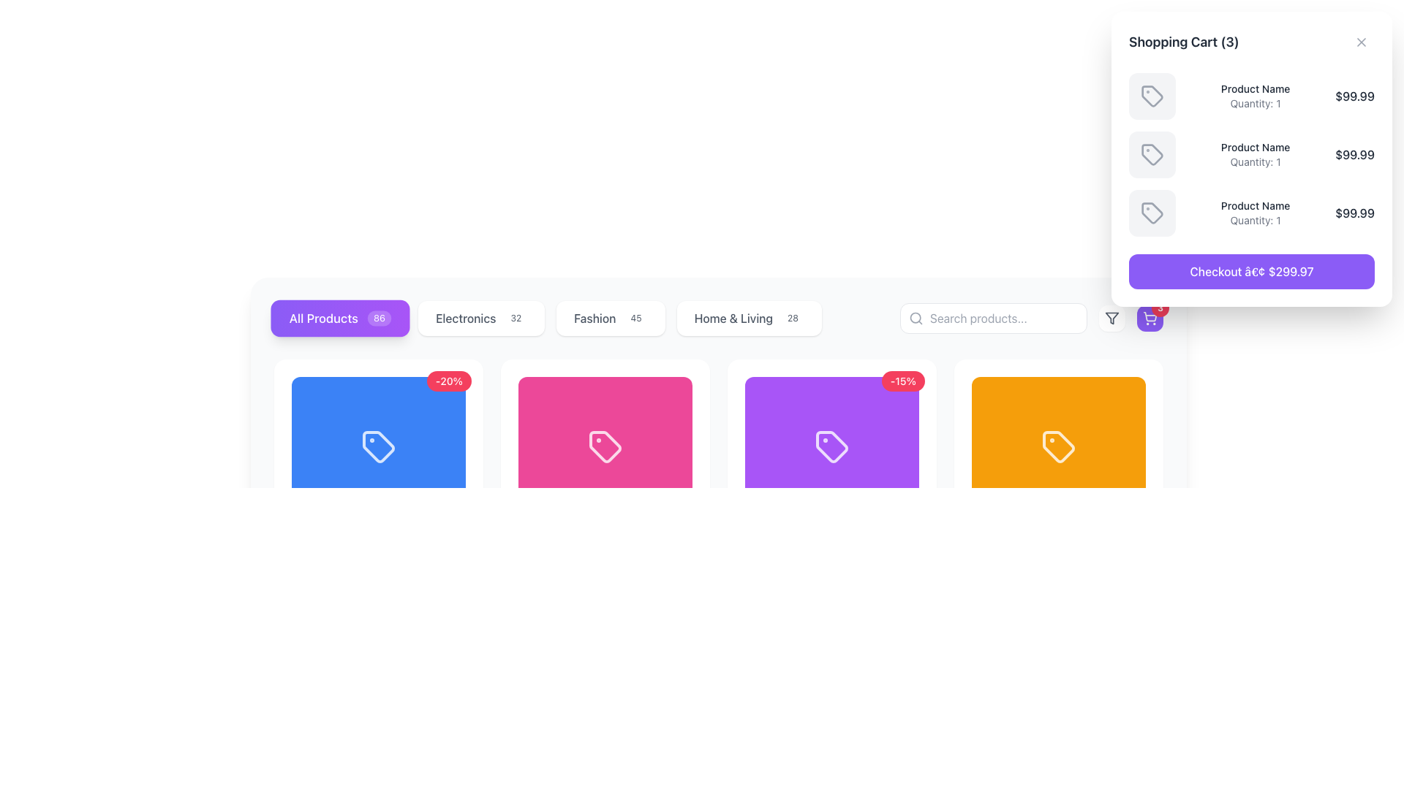 The width and height of the screenshot is (1404, 789). Describe the element at coordinates (1151, 96) in the screenshot. I see `the icon resembling a tag located in the upper-left corner of the shopping cart drawer to observe its associated tooltip or effect` at that location.